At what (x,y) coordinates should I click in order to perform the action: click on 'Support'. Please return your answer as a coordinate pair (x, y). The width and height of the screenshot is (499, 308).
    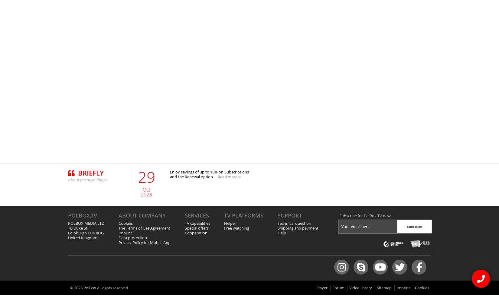
    Looking at the image, I should click on (290, 215).